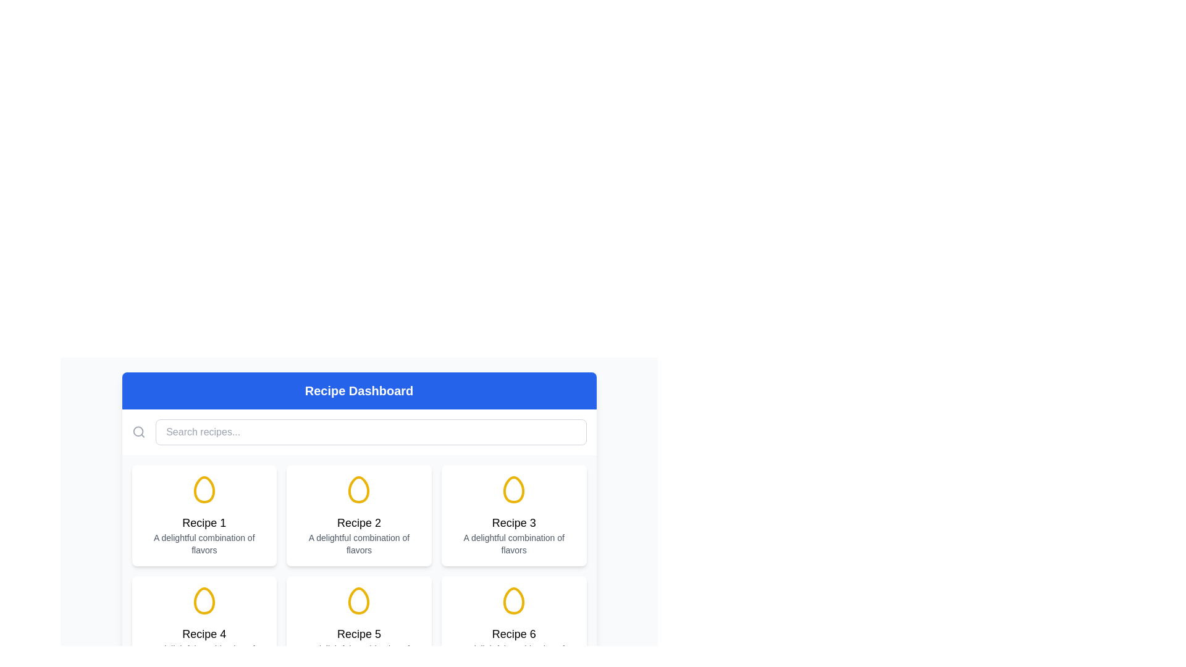  Describe the element at coordinates (514, 600) in the screenshot. I see `the decorative icon for the recipe titled 'Recipe 6', located at the top-center of the sixth tile in the recipe grid on the dashboard` at that location.